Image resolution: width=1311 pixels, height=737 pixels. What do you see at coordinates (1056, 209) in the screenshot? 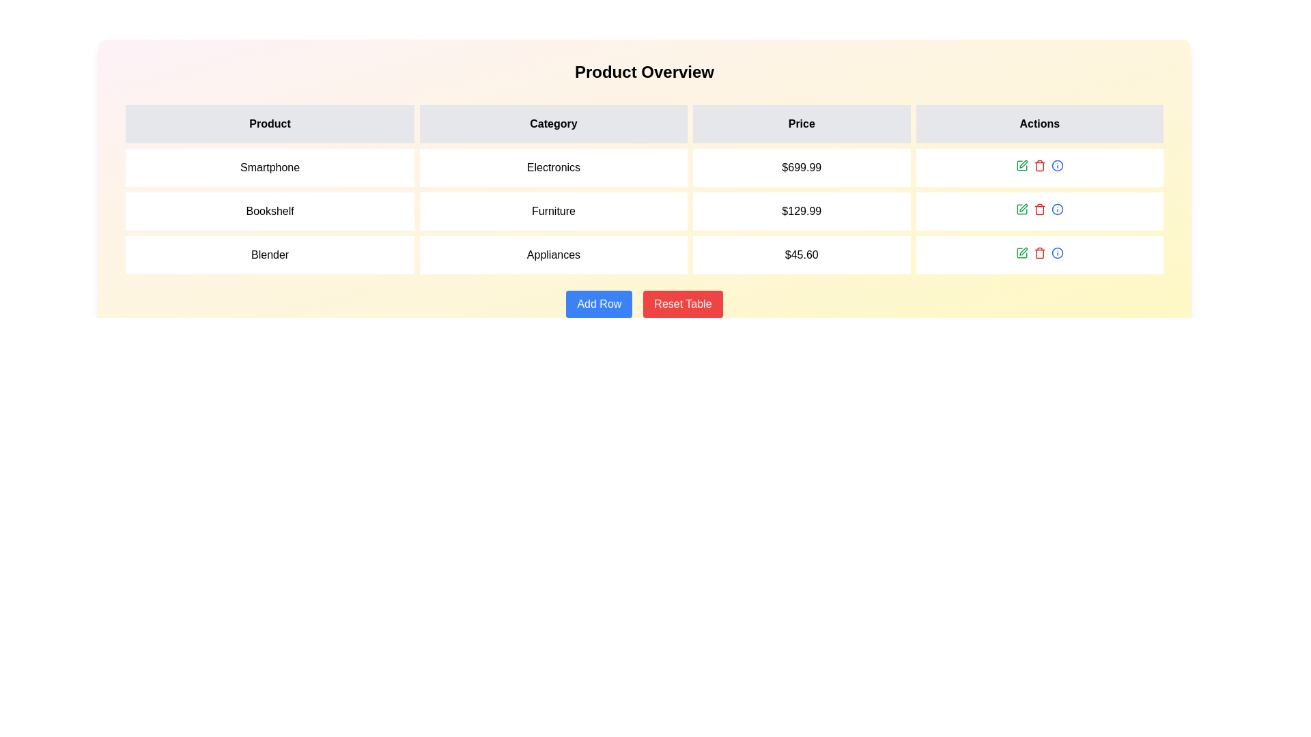
I see `the circular blue icon button resembling an information symbol in the 'Actions' column of the third row from the top in the 'Blender' row` at bounding box center [1056, 209].